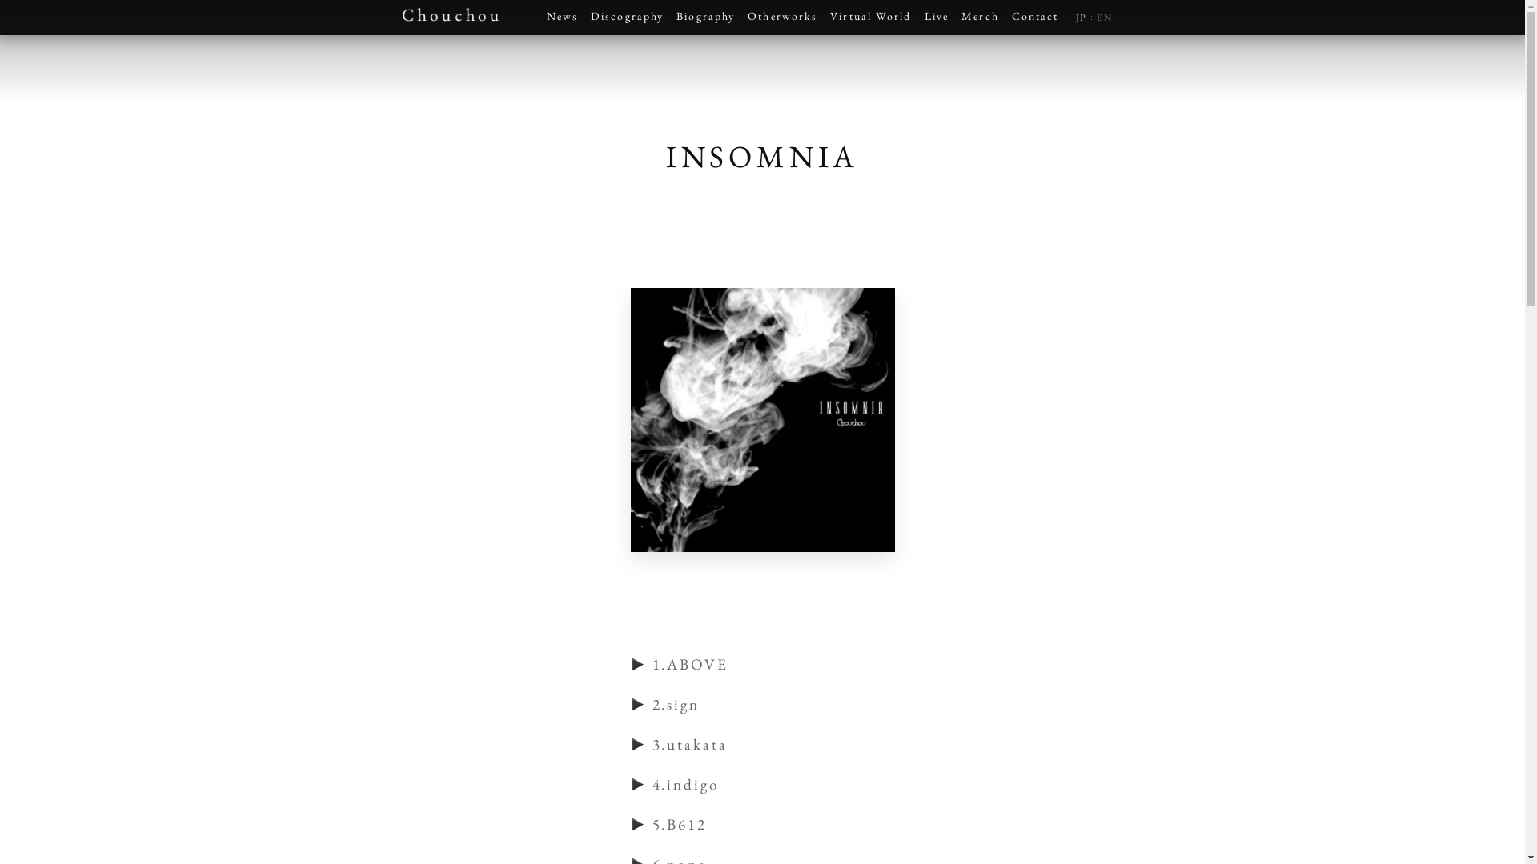 Image resolution: width=1537 pixels, height=864 pixels. Describe the element at coordinates (637, 703) in the screenshot. I see `'play'` at that location.